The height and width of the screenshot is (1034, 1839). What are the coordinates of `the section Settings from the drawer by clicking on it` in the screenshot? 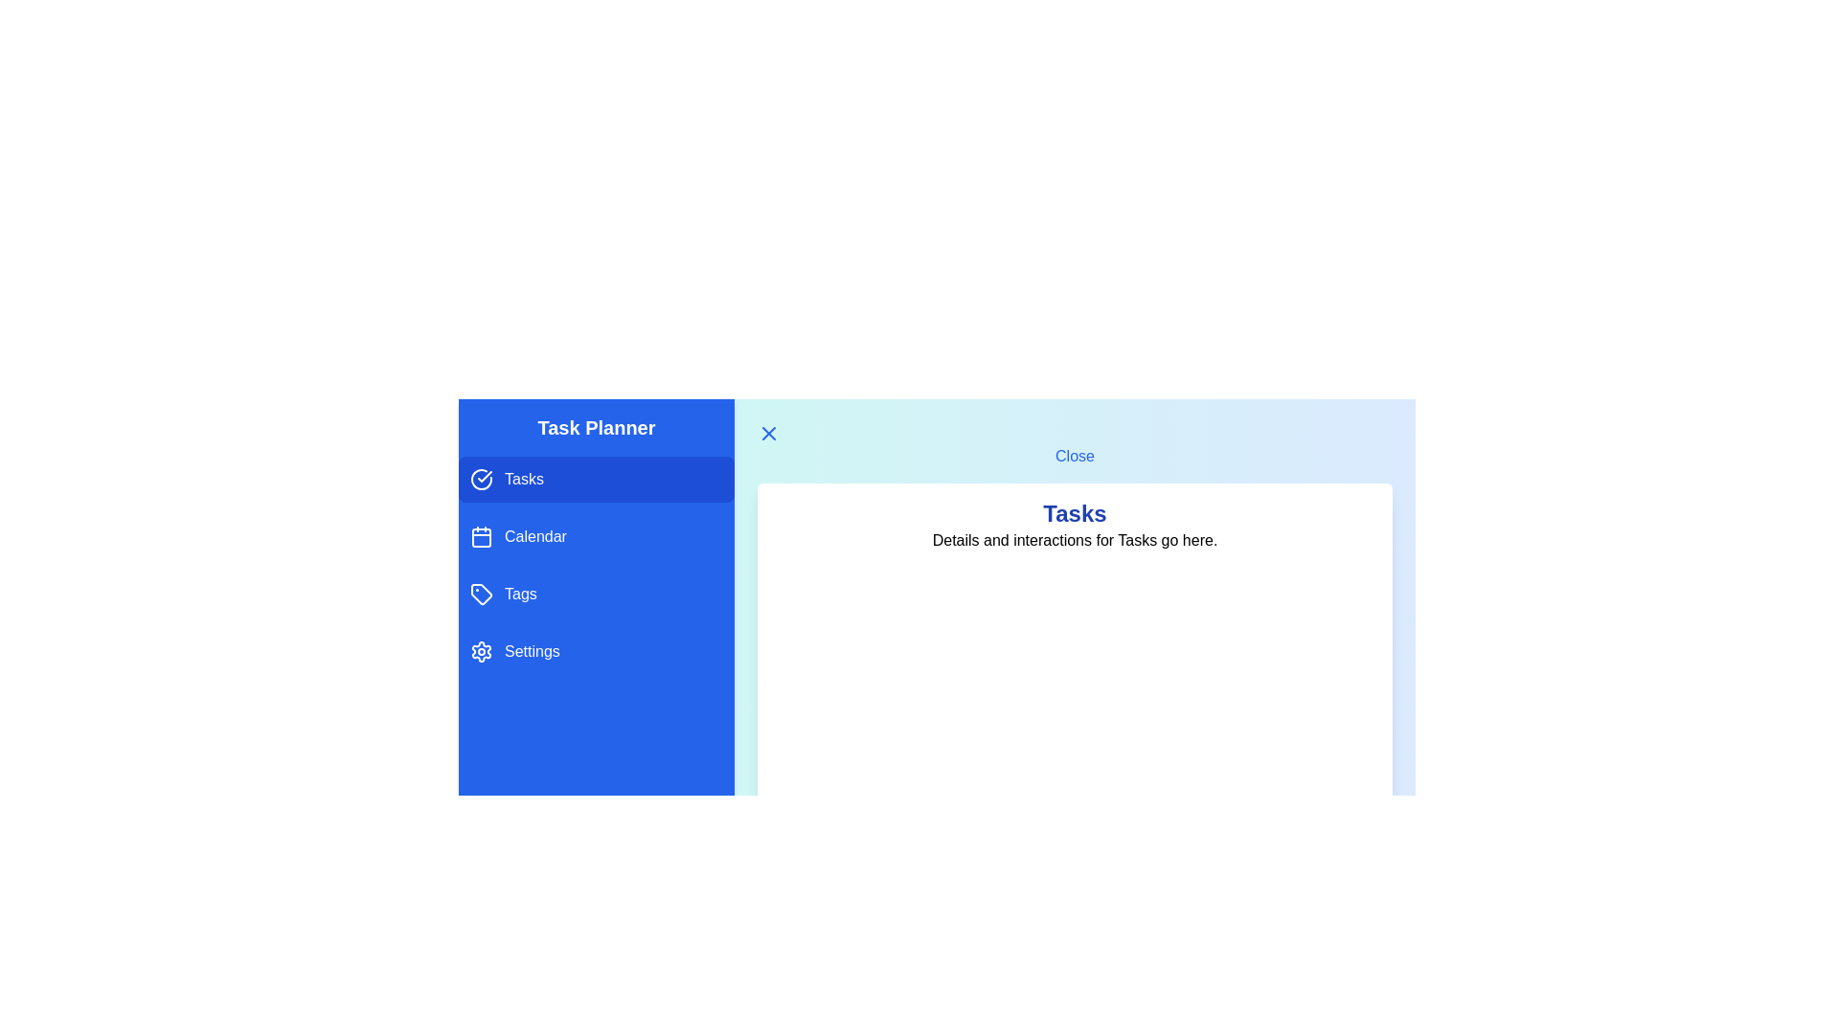 It's located at (596, 651).